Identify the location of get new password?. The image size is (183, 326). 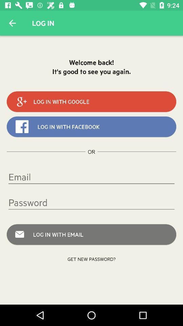
(91, 258).